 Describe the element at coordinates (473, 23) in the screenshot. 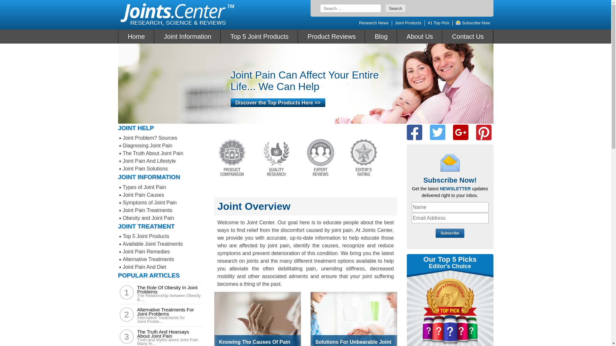

I see `'Subscribe Now'` at that location.